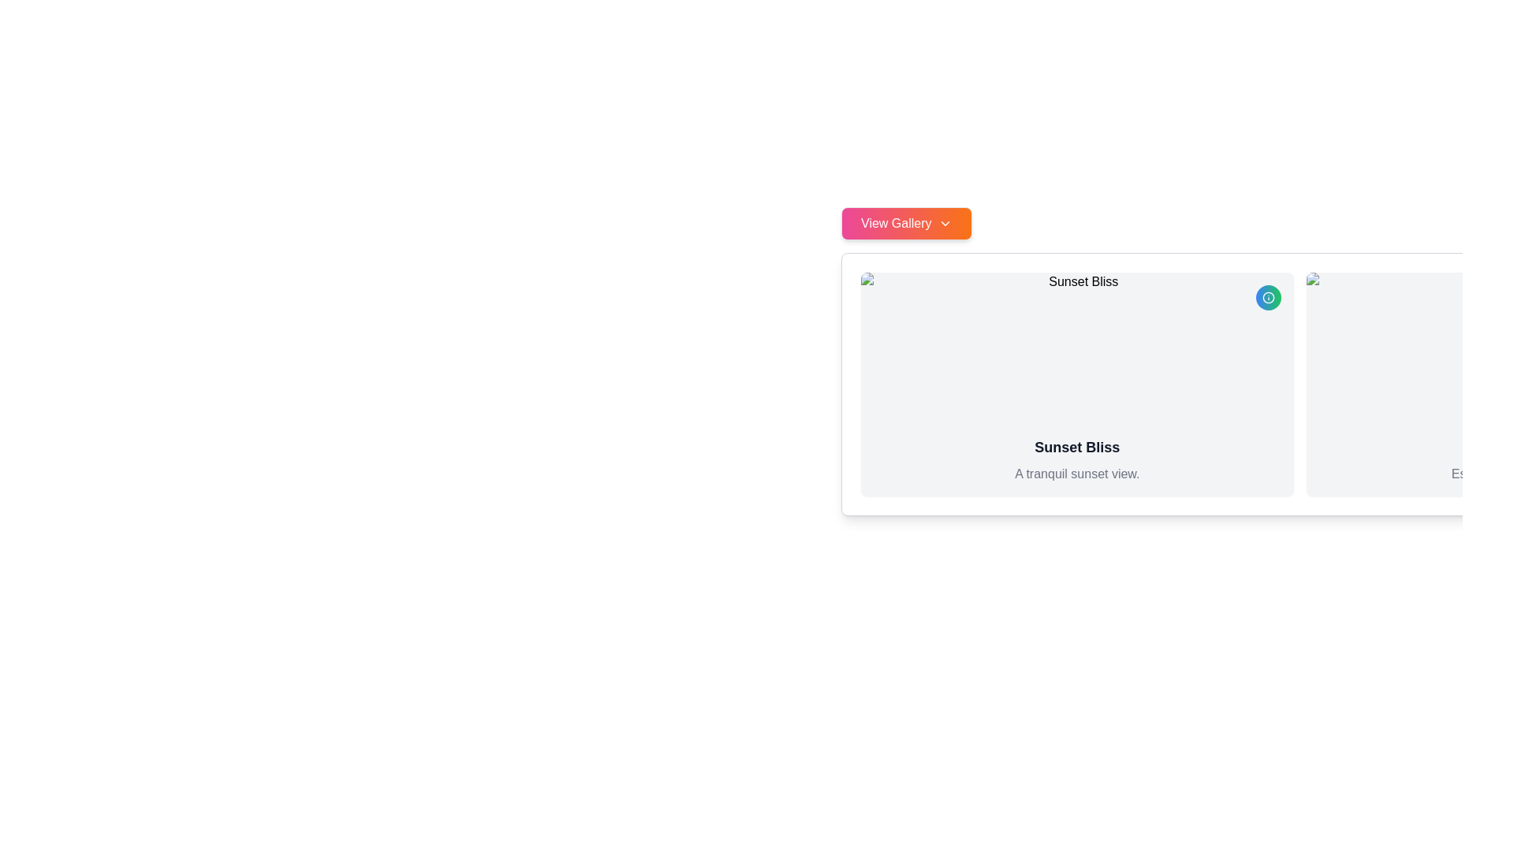 This screenshot has width=1514, height=851. What do you see at coordinates (1268, 298) in the screenshot?
I see `the circular information icon with a blue-to-green gradient background and white border` at bounding box center [1268, 298].